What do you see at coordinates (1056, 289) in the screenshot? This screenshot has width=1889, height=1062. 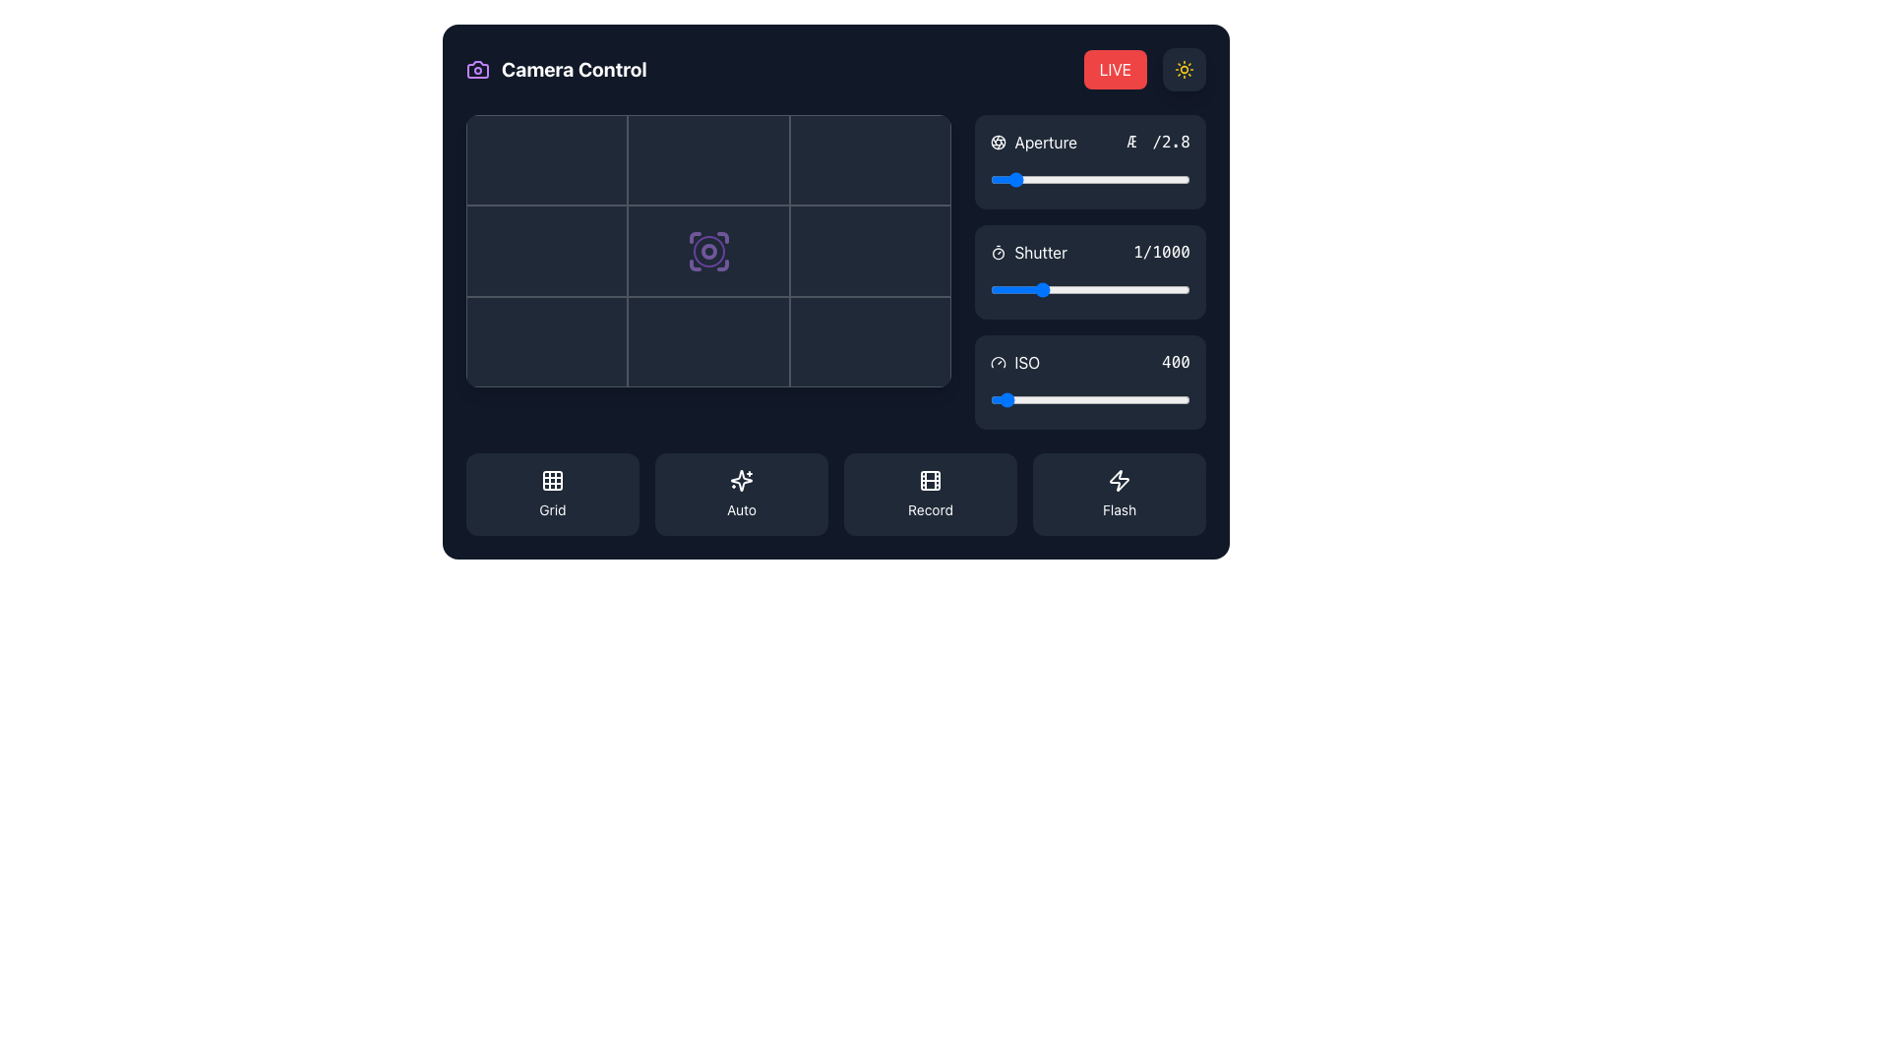 I see `the shutter speed value` at bounding box center [1056, 289].